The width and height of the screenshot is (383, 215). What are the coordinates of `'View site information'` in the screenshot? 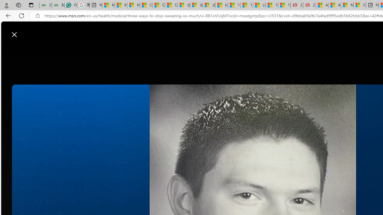 It's located at (37, 16).